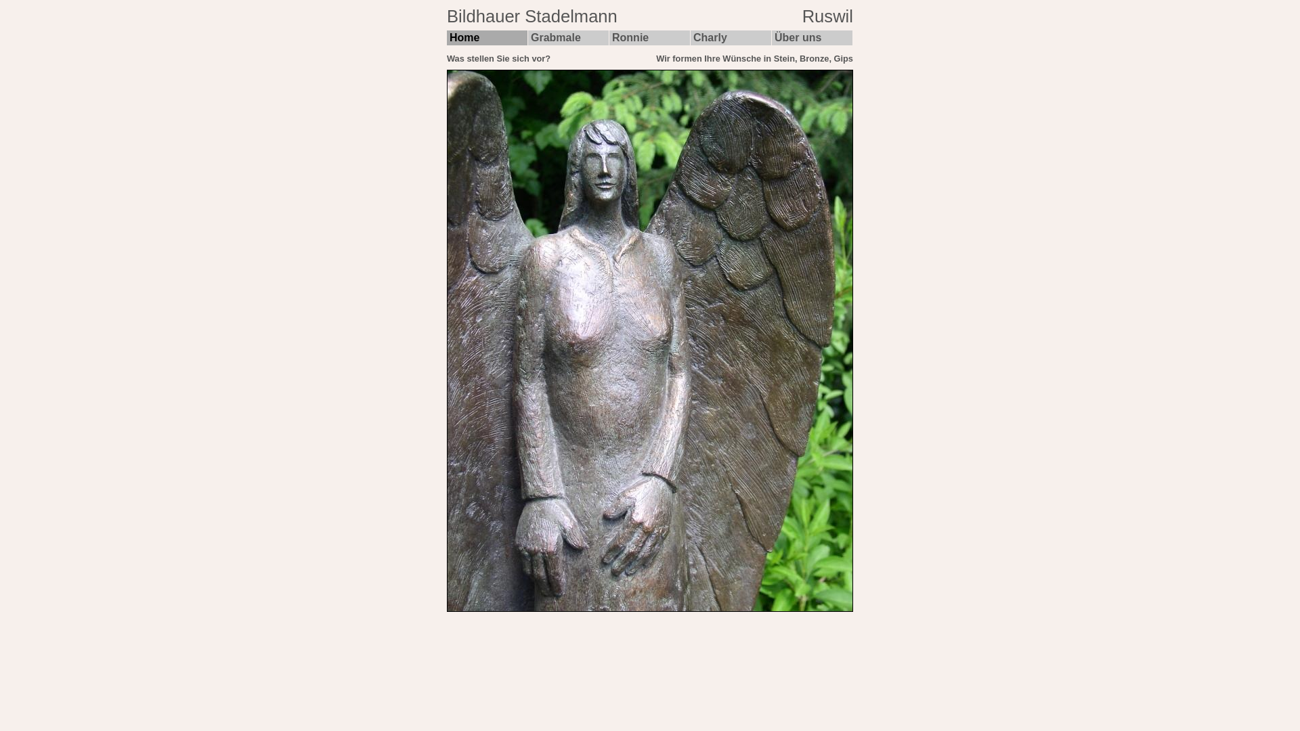 Image resolution: width=1300 pixels, height=731 pixels. I want to click on 'Bildhauer Stadelmann, so click(650, 18).